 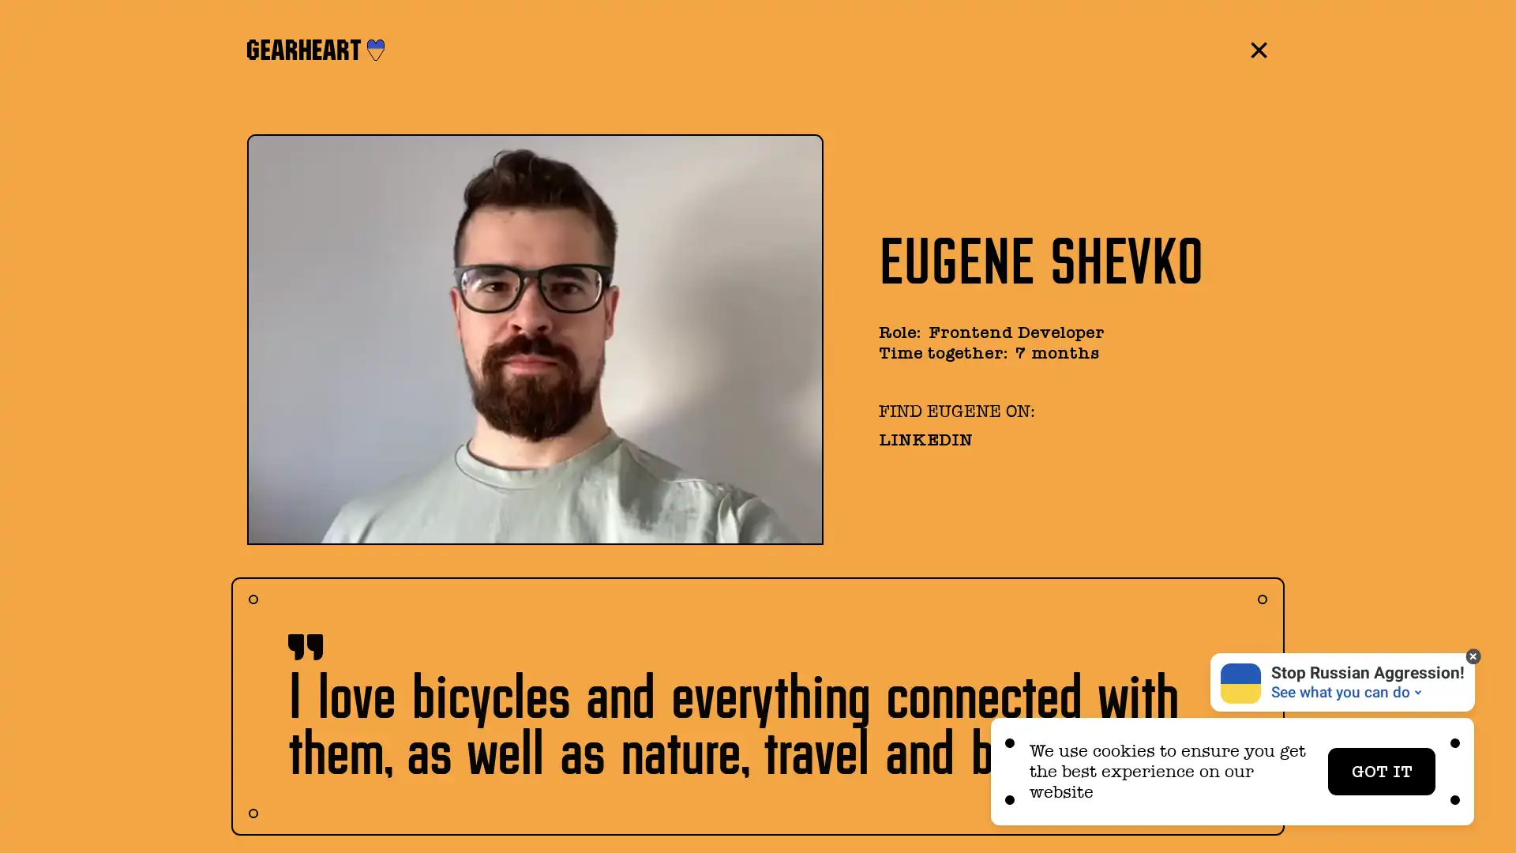 What do you see at coordinates (1381, 770) in the screenshot?
I see `GOT IT` at bounding box center [1381, 770].